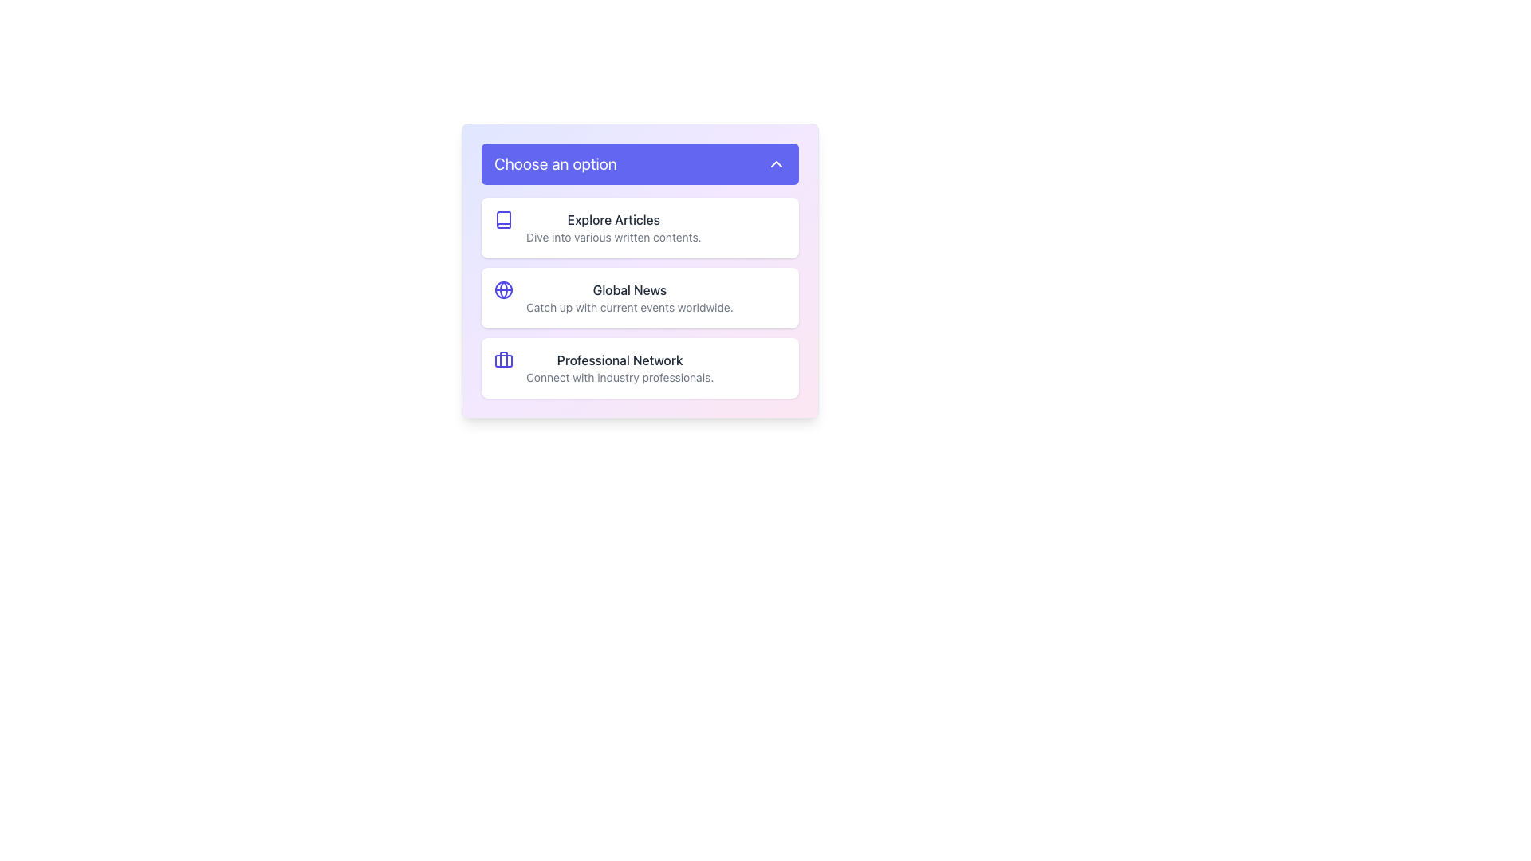 Image resolution: width=1531 pixels, height=861 pixels. I want to click on the chevron icon located at the far-right side of the 'Choose an option' button, so click(777, 163).